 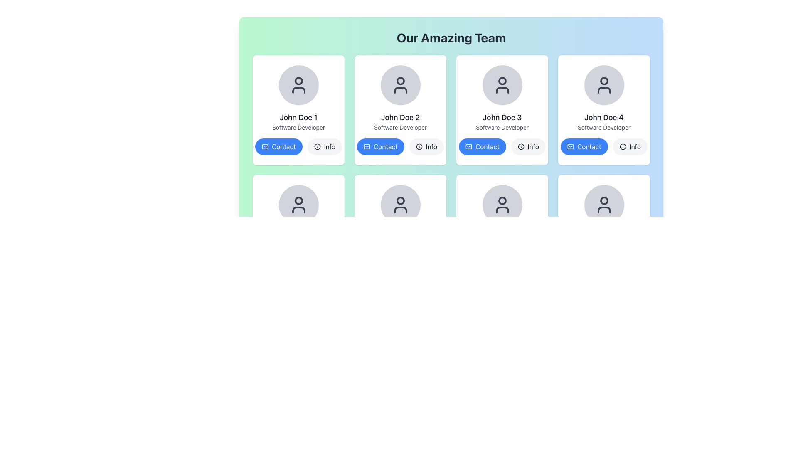 What do you see at coordinates (589, 146) in the screenshot?
I see `the blue 'Contact' button with white text located in the card for 'John Doe 4' in the rightmost column of the second row` at bounding box center [589, 146].